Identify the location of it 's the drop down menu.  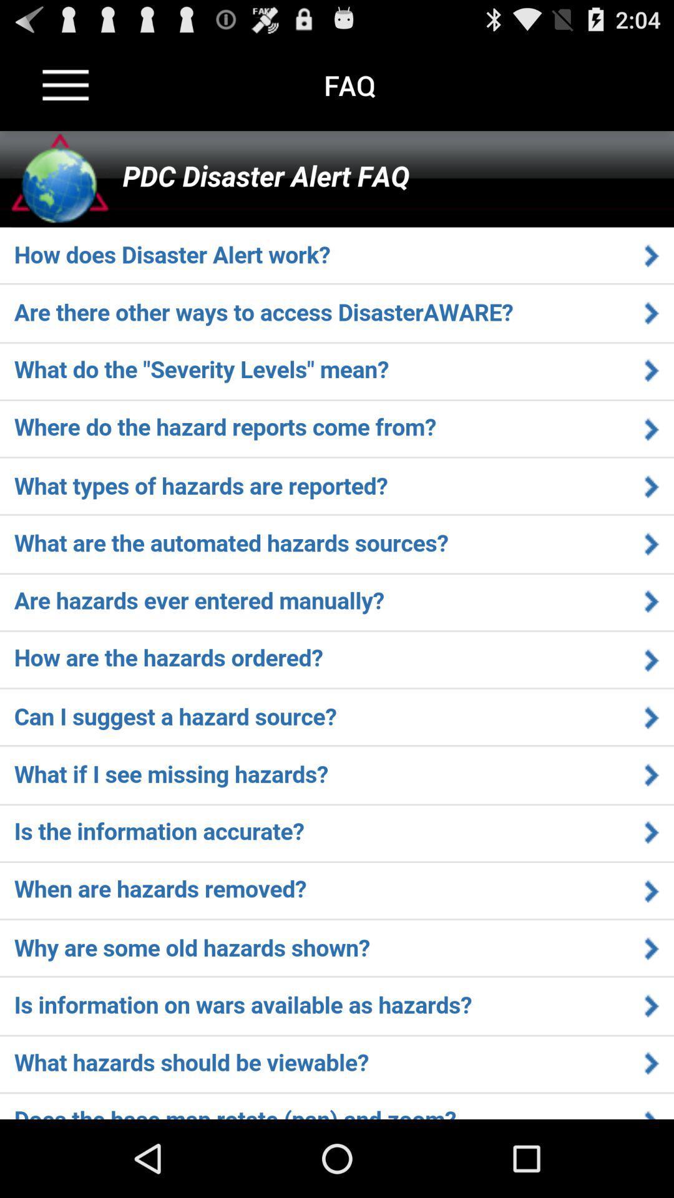
(66, 84).